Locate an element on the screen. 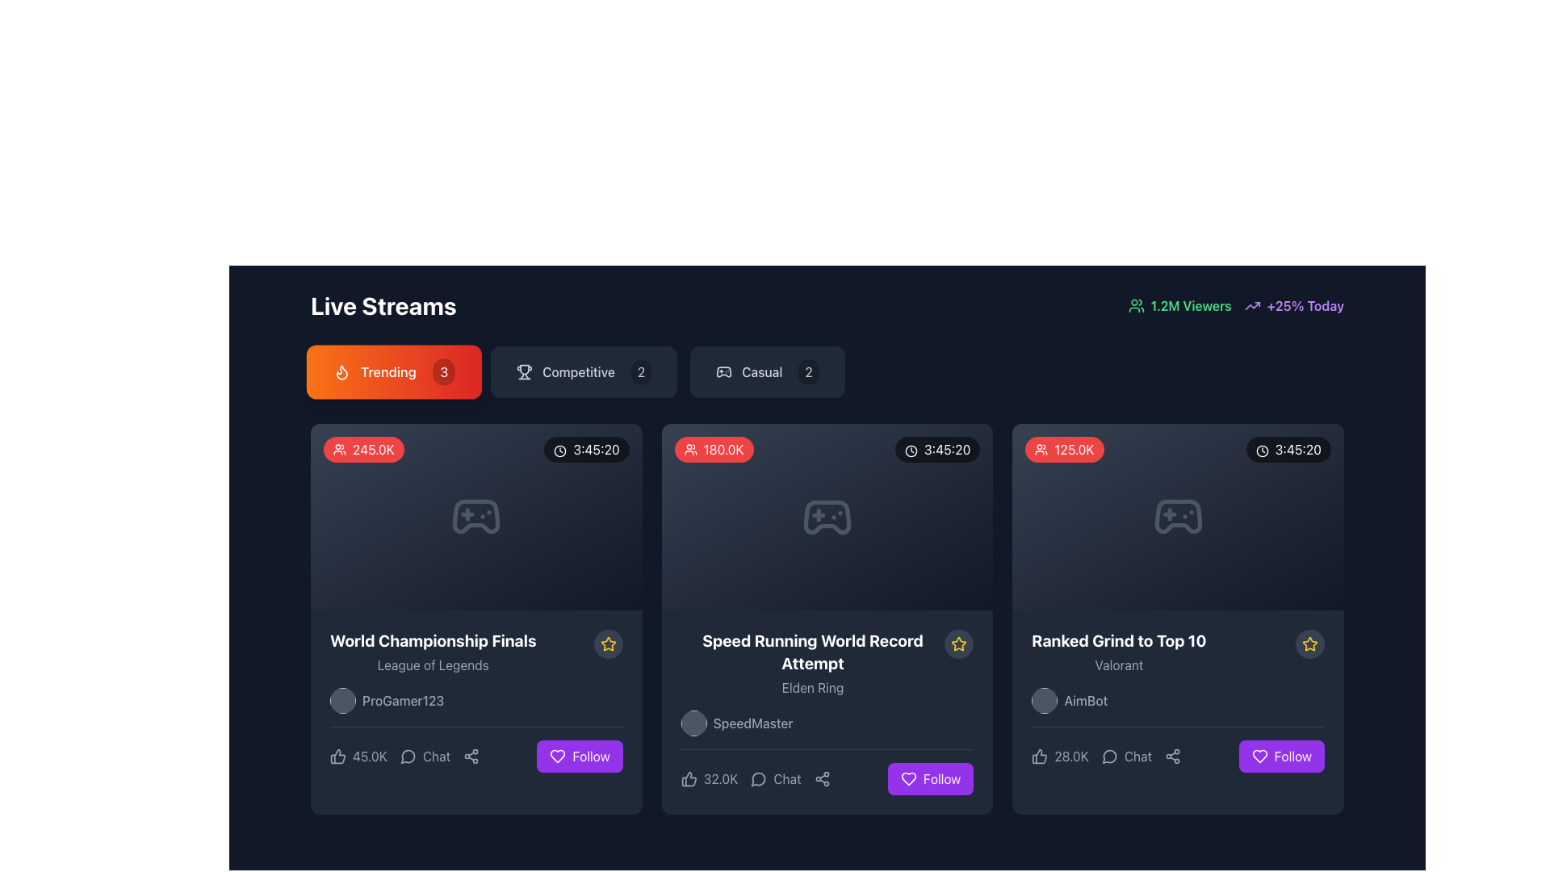 Image resolution: width=1550 pixels, height=872 pixels. the follow button located at the bottom right of the rightmost card is located at coordinates (580, 757).